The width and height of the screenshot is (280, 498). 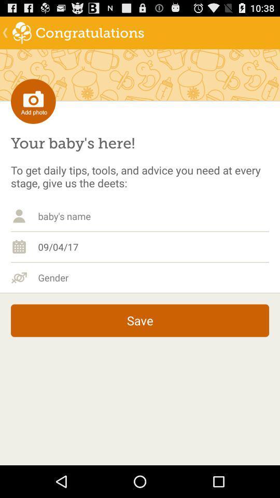 I want to click on choose gender, so click(x=153, y=277).